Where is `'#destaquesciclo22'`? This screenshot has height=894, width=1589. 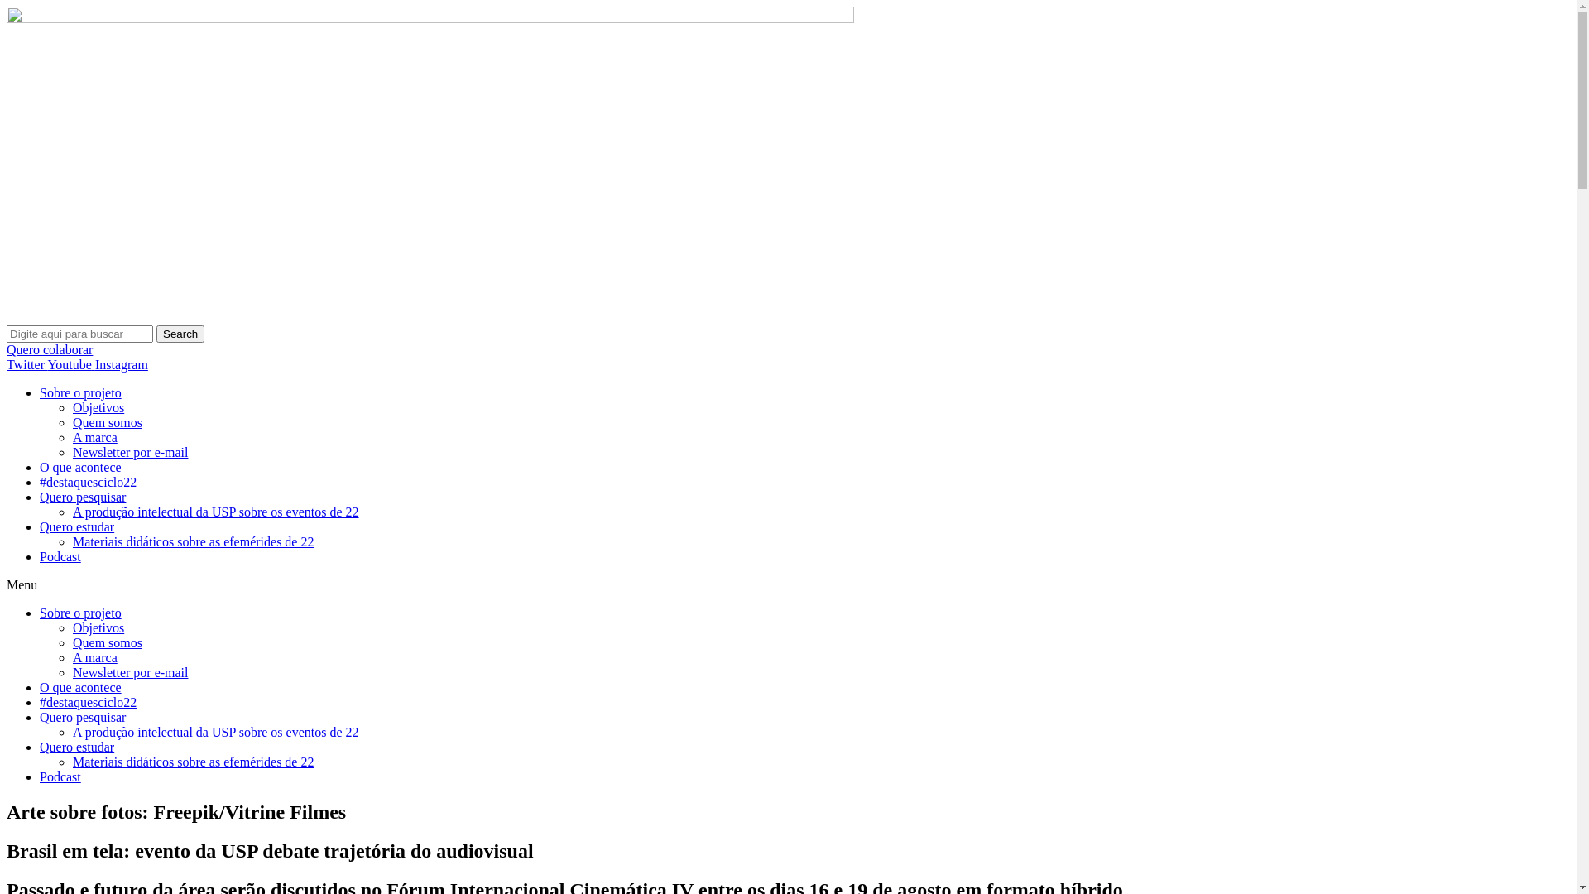 '#destaquesciclo22' is located at coordinates (87, 702).